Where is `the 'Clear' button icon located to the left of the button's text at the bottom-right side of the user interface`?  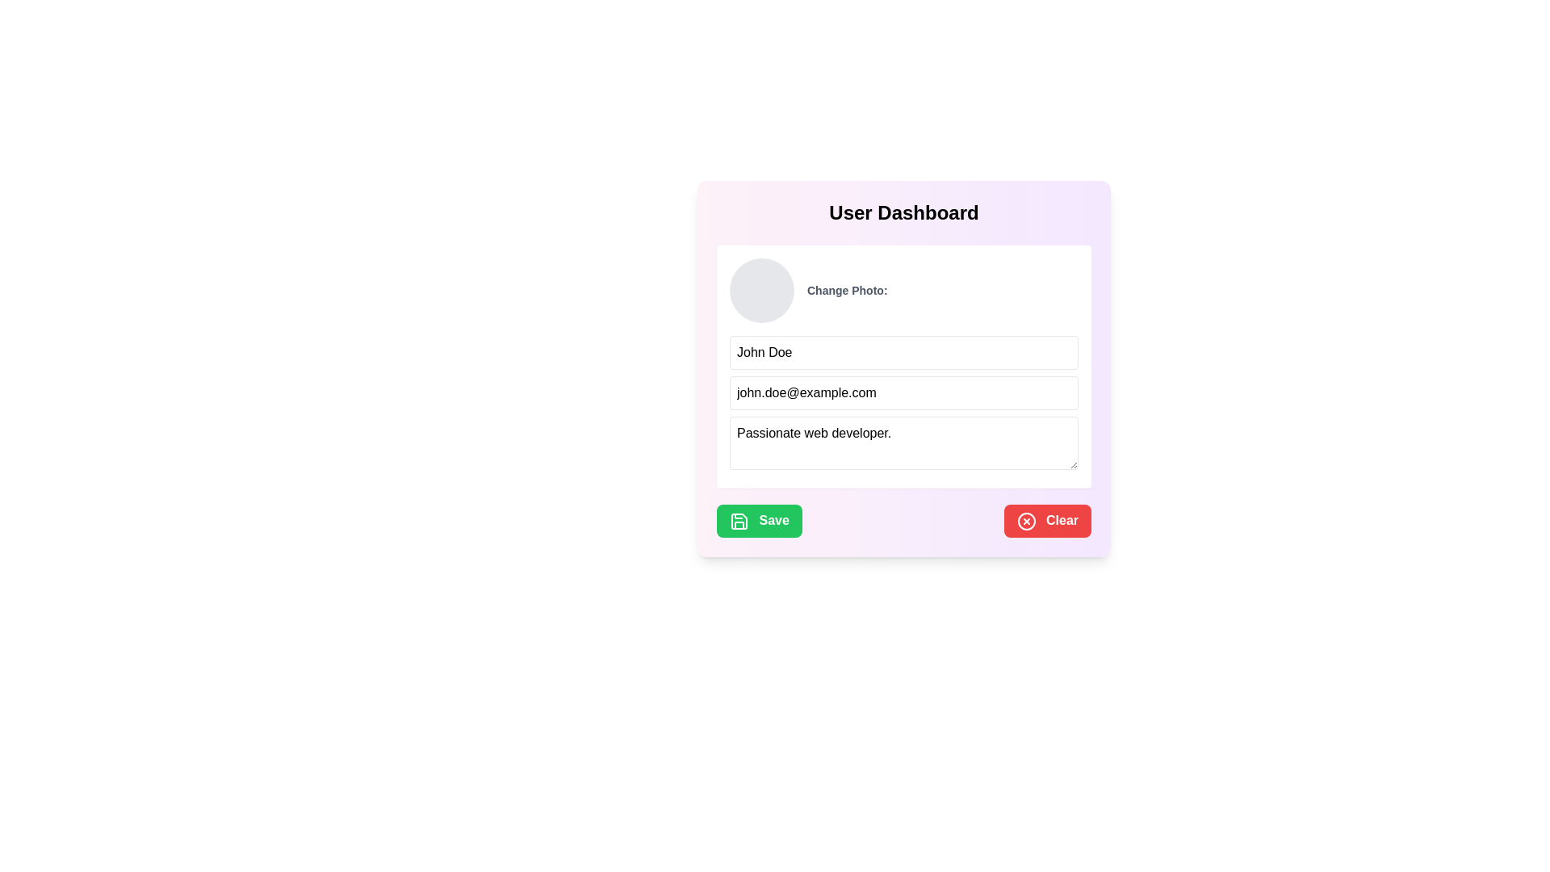 the 'Clear' button icon located to the left of the button's text at the bottom-right side of the user interface is located at coordinates (1025, 521).